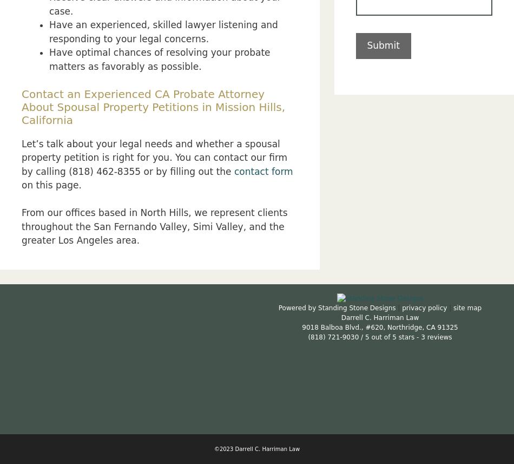 The height and width of the screenshot is (464, 514). I want to click on 'out of', so click(371, 336).